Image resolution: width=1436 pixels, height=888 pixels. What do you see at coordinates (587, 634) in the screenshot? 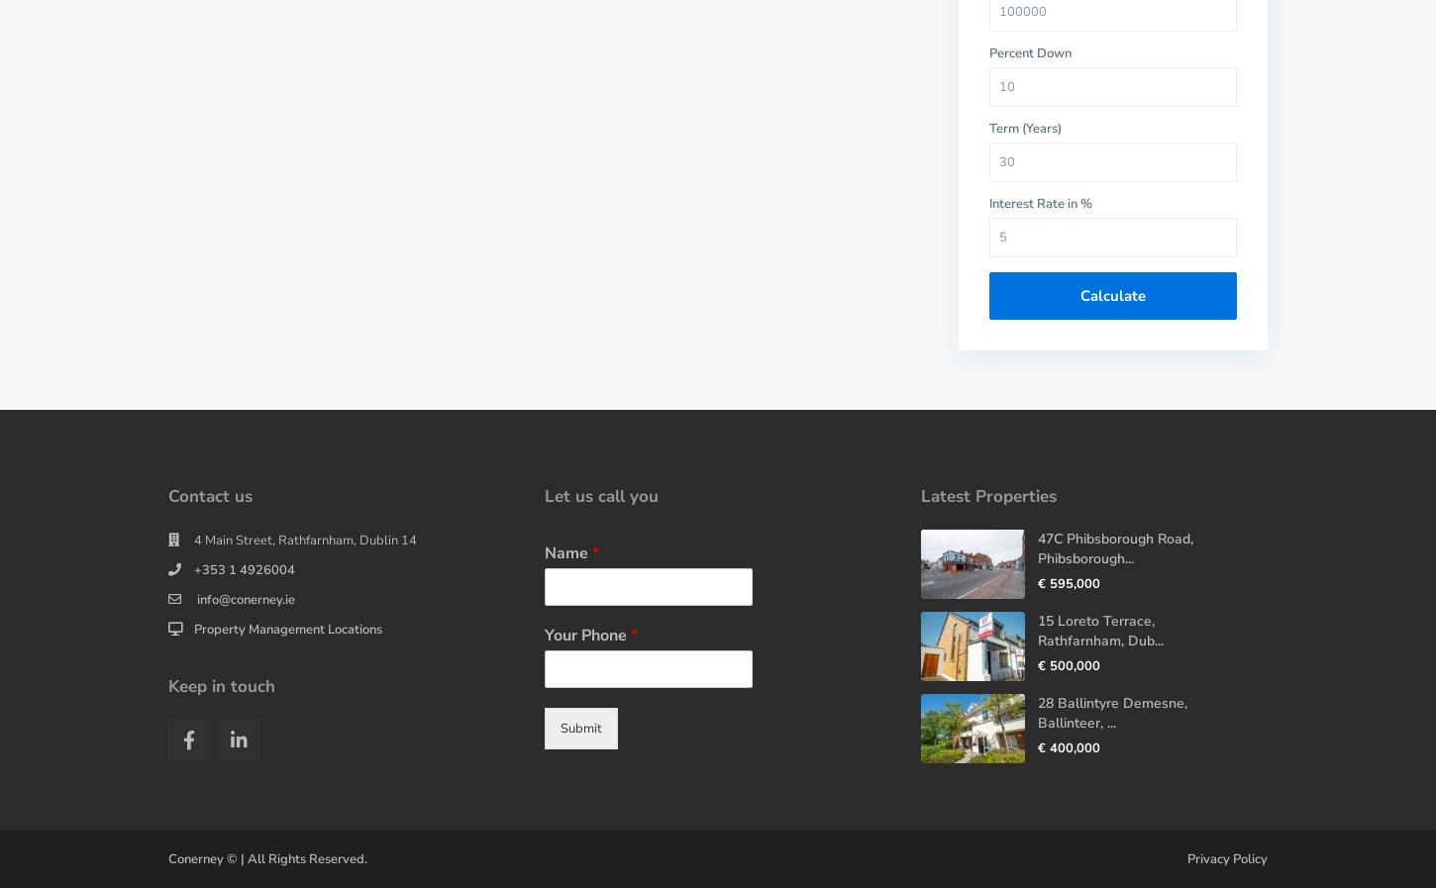
I see `'Your Phone'` at bounding box center [587, 634].